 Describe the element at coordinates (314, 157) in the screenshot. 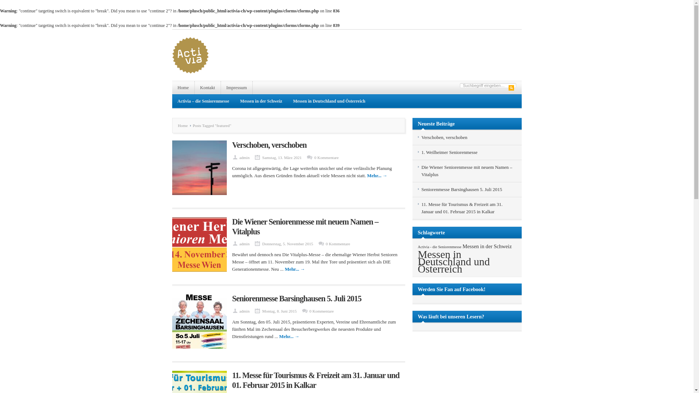

I see `'0 Kommentare'` at that location.